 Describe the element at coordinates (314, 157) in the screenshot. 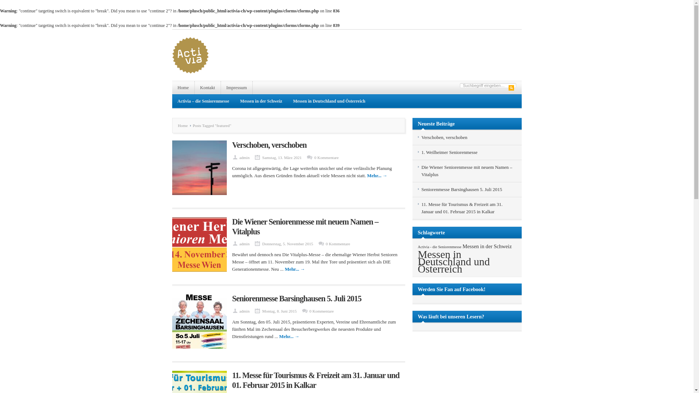

I see `'0 Kommentare'` at that location.